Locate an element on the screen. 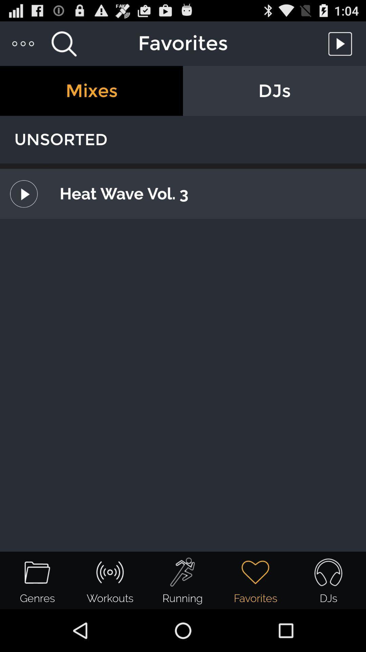 This screenshot has height=652, width=366. selection is located at coordinates (342, 43).